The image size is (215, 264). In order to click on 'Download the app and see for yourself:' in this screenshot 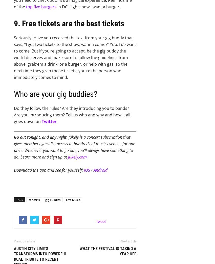, I will do `click(49, 170)`.